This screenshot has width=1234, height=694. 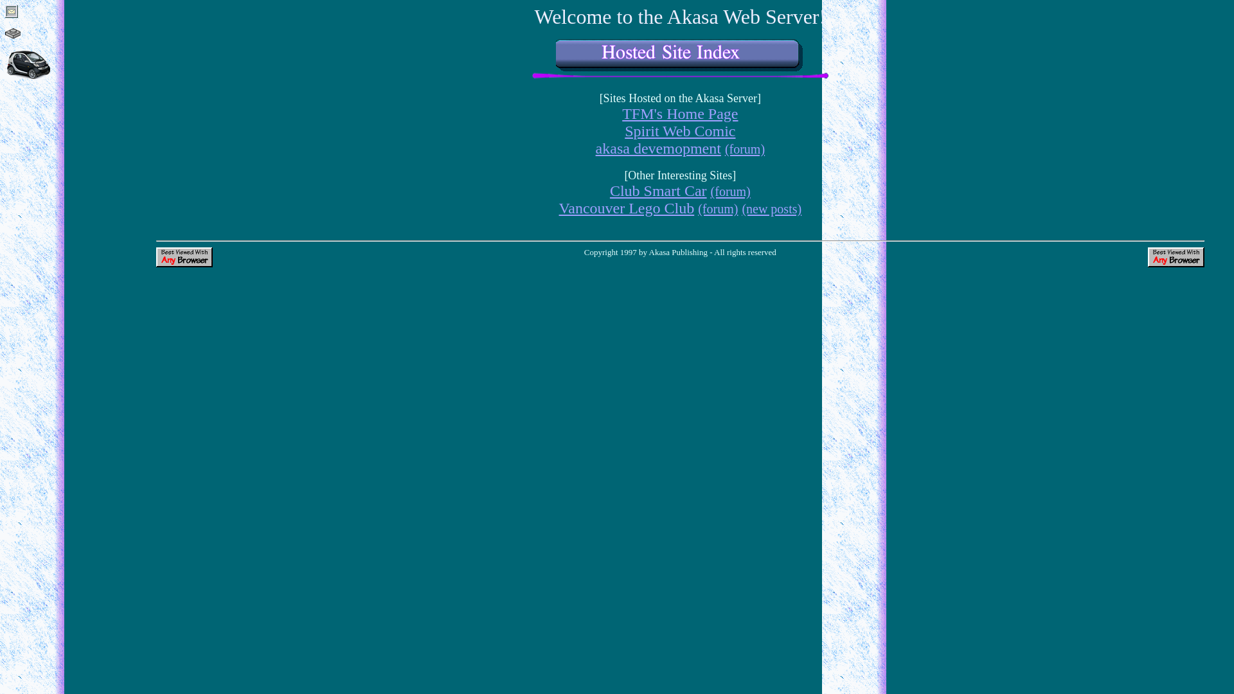 What do you see at coordinates (627, 208) in the screenshot?
I see `'Vancouver Lego Club'` at bounding box center [627, 208].